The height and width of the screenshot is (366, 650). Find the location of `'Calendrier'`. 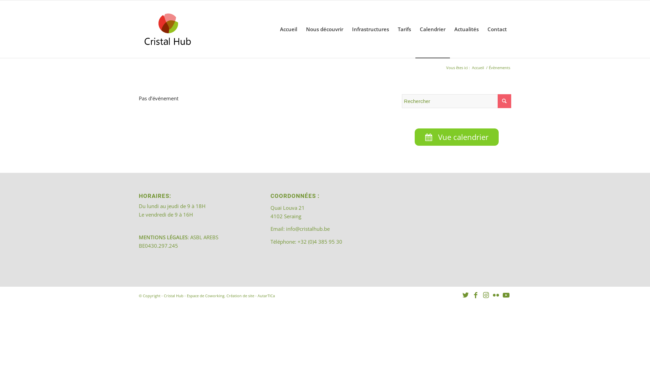

'Calendrier' is located at coordinates (432, 28).